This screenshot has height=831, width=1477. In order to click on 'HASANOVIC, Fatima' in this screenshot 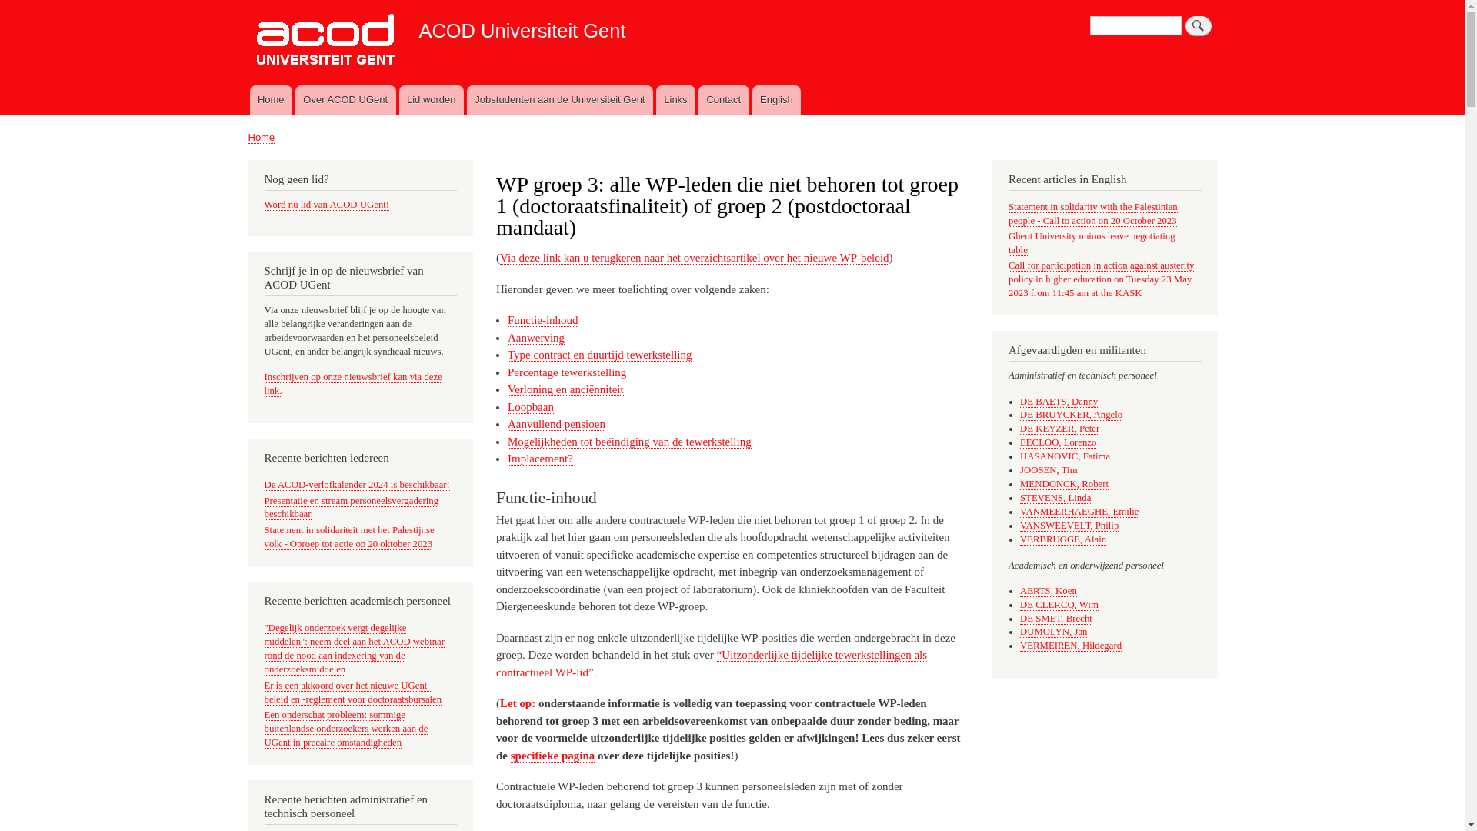, I will do `click(1064, 456)`.